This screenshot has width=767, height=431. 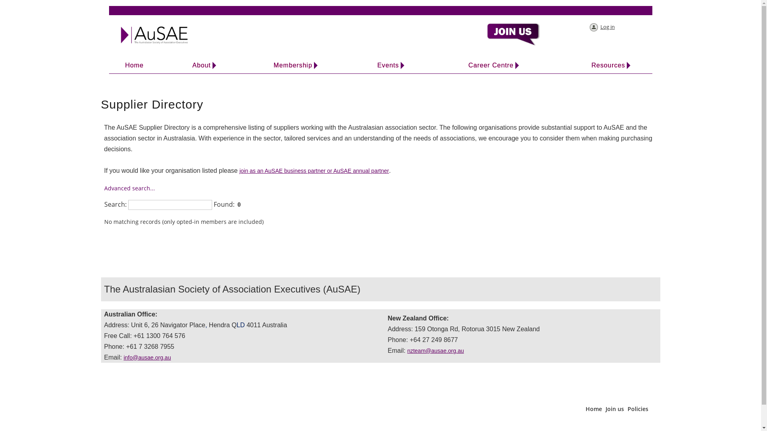 I want to click on 'Career Centre', so click(x=490, y=65).